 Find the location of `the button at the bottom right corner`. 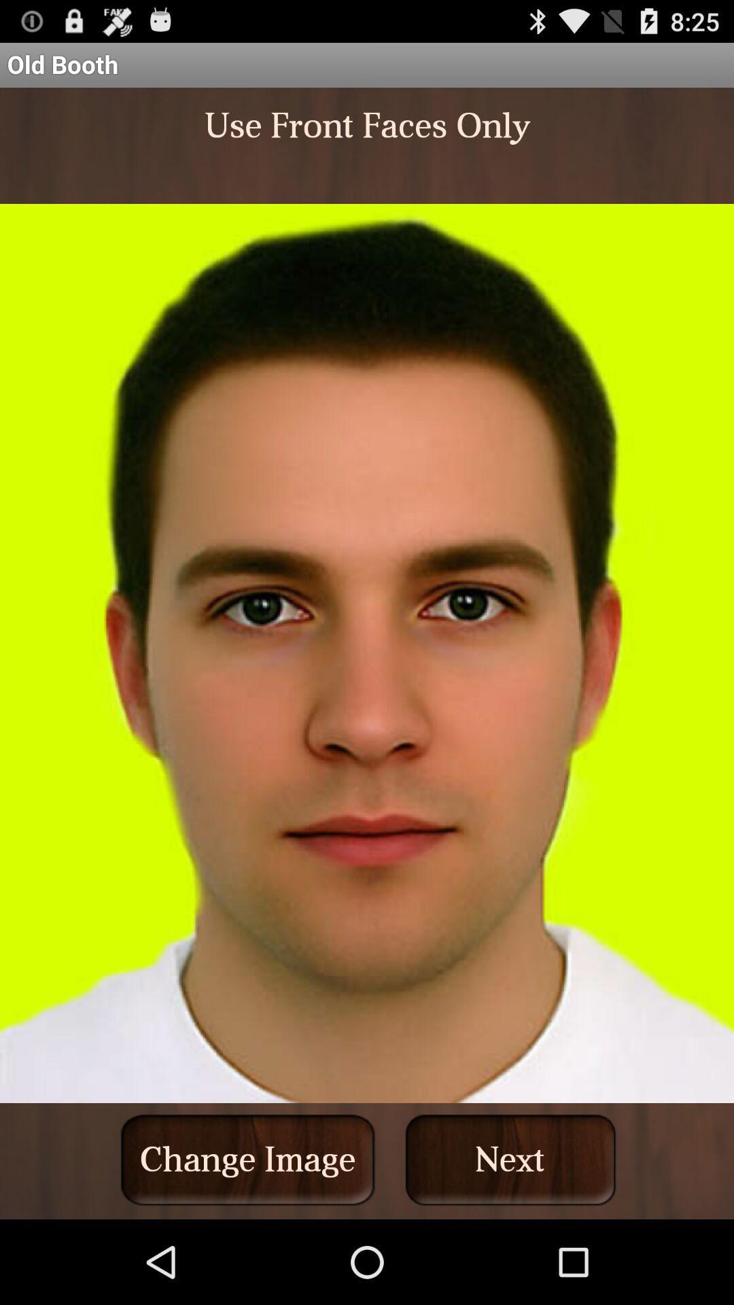

the button at the bottom right corner is located at coordinates (510, 1159).